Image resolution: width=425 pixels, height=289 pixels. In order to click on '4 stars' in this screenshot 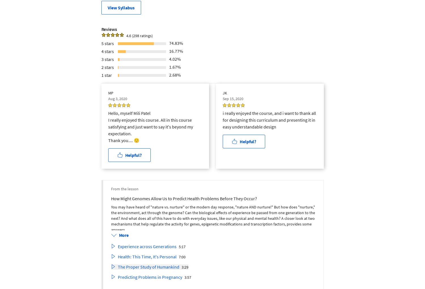, I will do `click(107, 51)`.